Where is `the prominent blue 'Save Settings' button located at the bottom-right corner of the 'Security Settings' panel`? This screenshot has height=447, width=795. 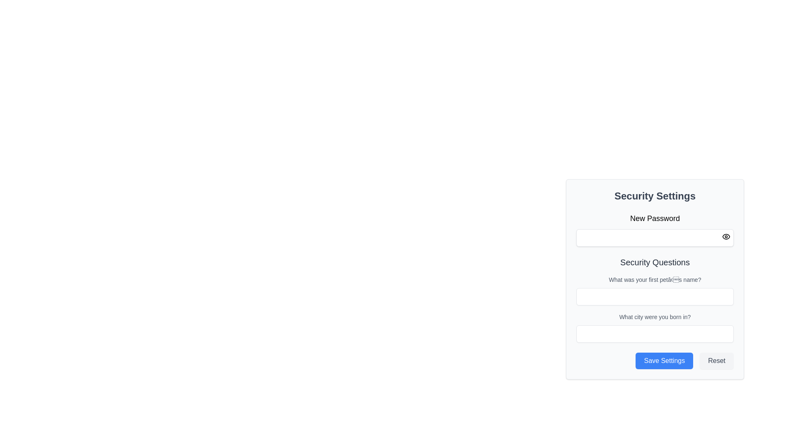 the prominent blue 'Save Settings' button located at the bottom-right corner of the 'Security Settings' panel is located at coordinates (664, 360).